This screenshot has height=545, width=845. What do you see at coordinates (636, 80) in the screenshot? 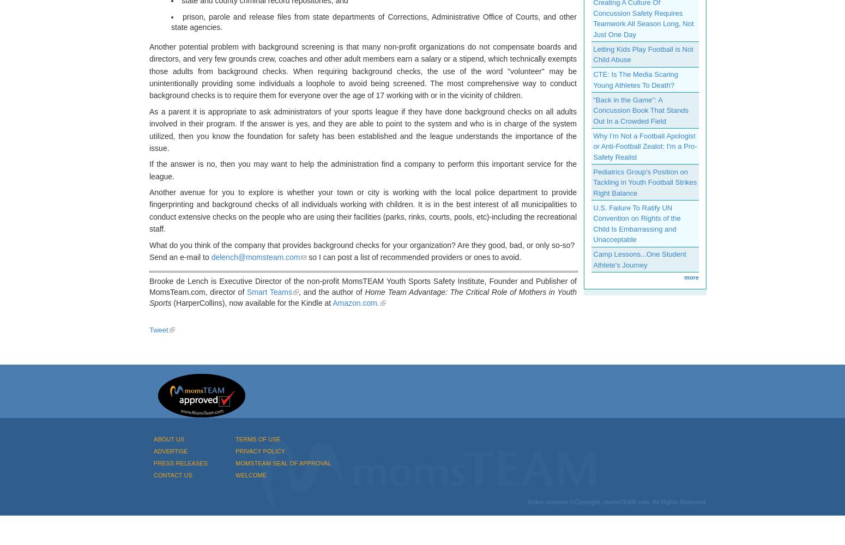
I see `'CTE: Is The Media Scaring Young Athletes To Death?'` at bounding box center [636, 80].